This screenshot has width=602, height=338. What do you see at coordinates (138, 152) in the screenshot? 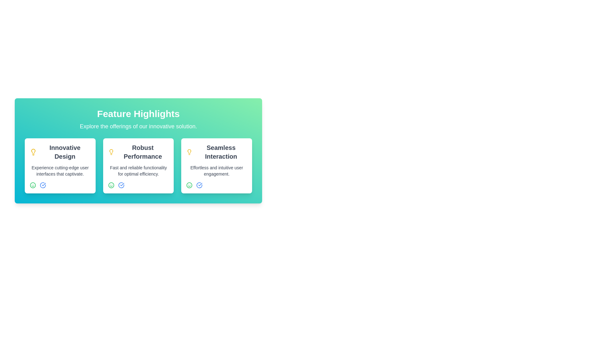
I see `text element titled 'Robust Performance' located in the central card of a horizontally arranged trio within a grid, positioned below the webpage heading` at bounding box center [138, 152].